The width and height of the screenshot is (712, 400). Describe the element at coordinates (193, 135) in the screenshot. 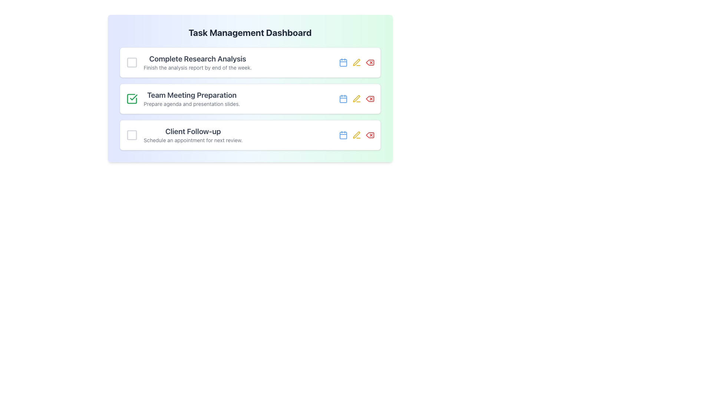

I see `the text label in the third task card that serves as the title and description for scheduling a follow-up appointment` at that location.